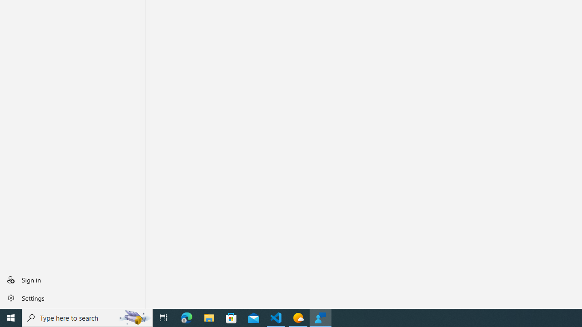 This screenshot has width=582, height=327. Describe the element at coordinates (73, 297) in the screenshot. I see `'Settings'` at that location.